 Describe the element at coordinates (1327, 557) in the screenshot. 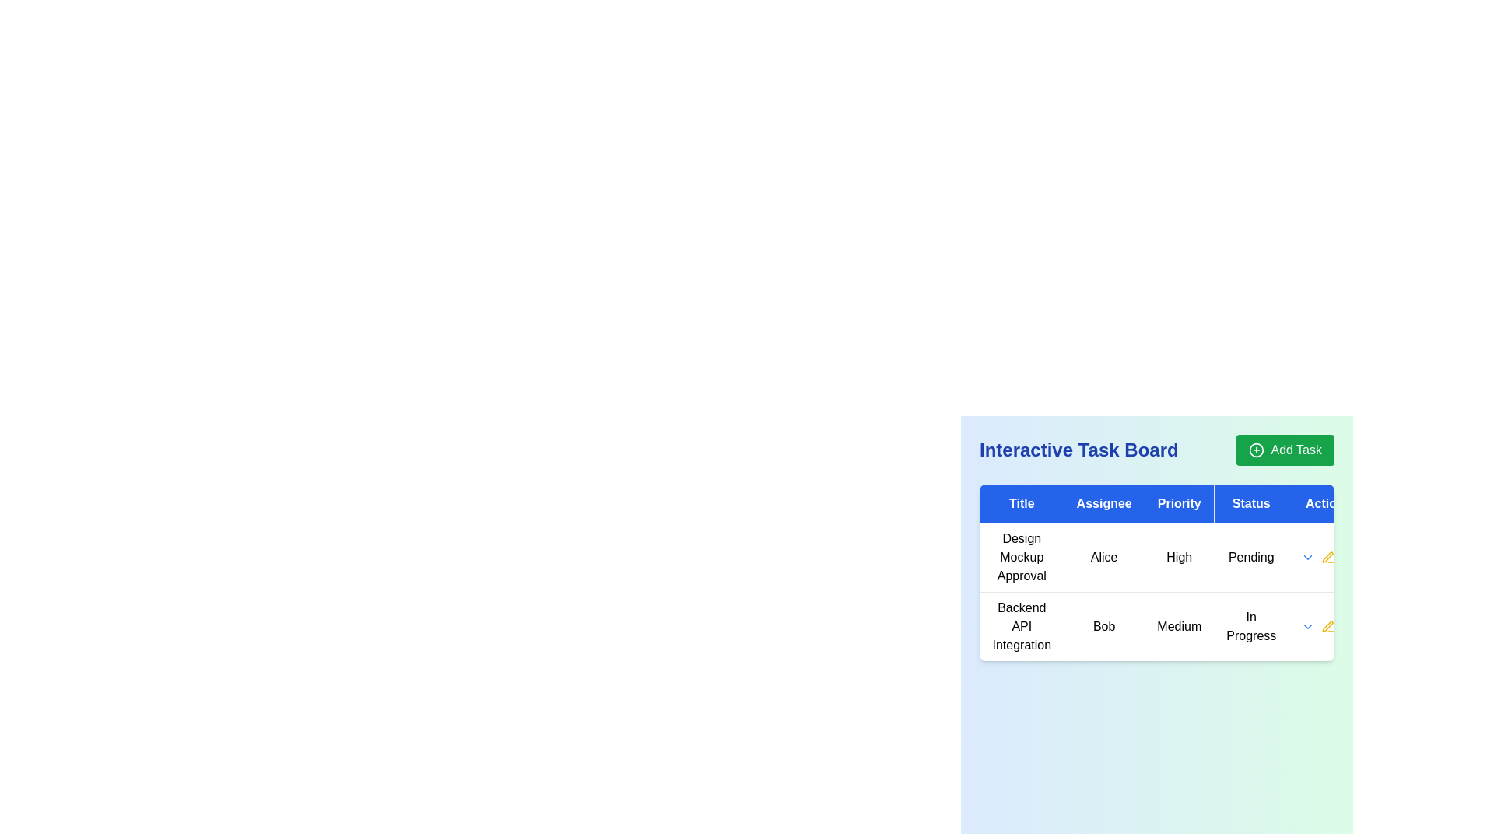

I see `the pen icon button styled in yellow located in the second row of the 'Action' column in the 'Interactive Task Board' table` at that location.